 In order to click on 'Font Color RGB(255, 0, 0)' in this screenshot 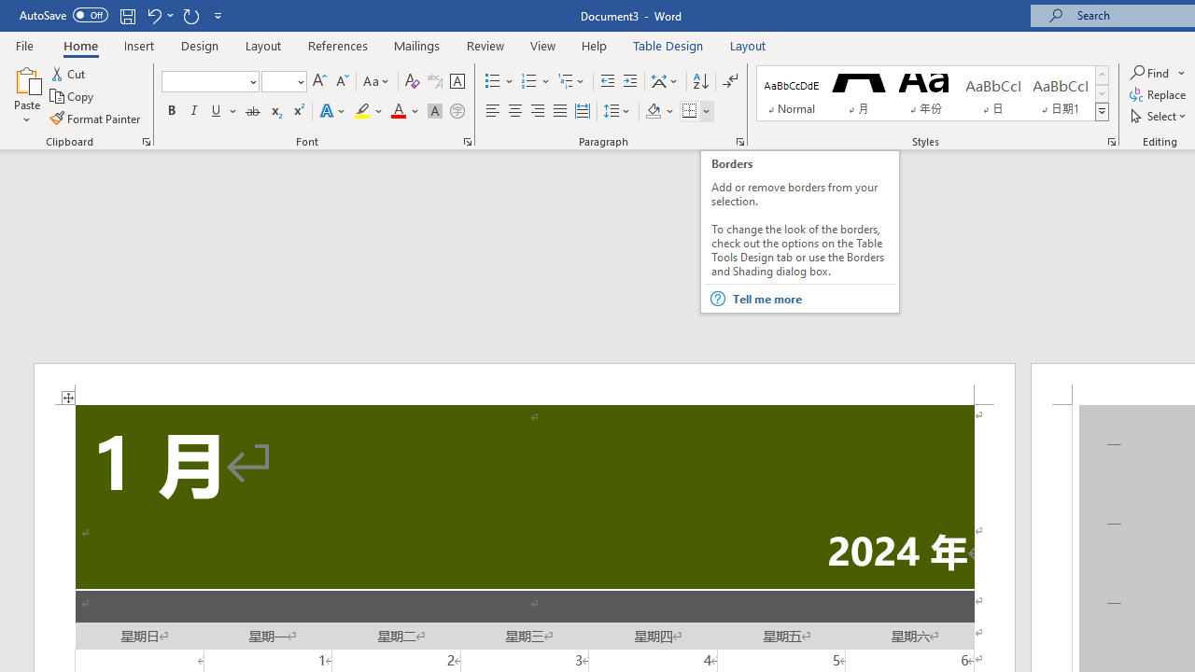, I will do `click(397, 111)`.